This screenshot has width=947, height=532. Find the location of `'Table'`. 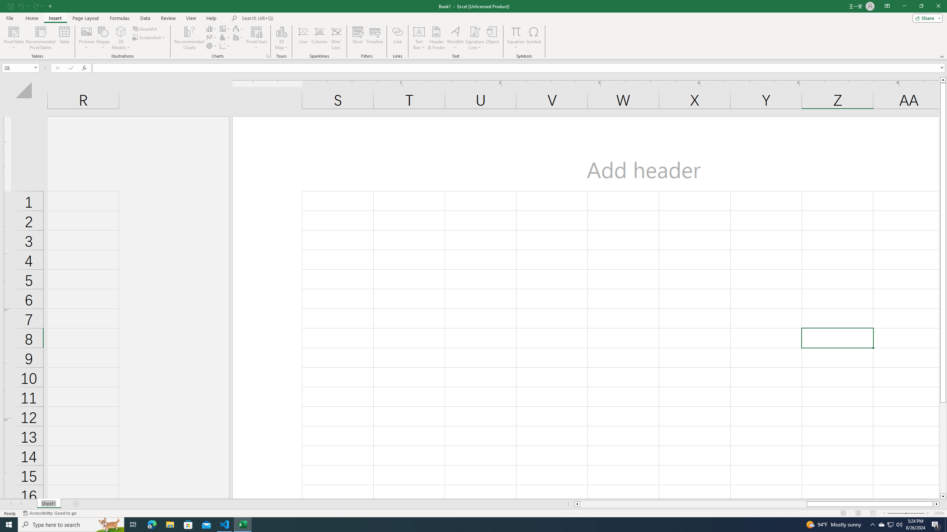

'Table' is located at coordinates (64, 38).